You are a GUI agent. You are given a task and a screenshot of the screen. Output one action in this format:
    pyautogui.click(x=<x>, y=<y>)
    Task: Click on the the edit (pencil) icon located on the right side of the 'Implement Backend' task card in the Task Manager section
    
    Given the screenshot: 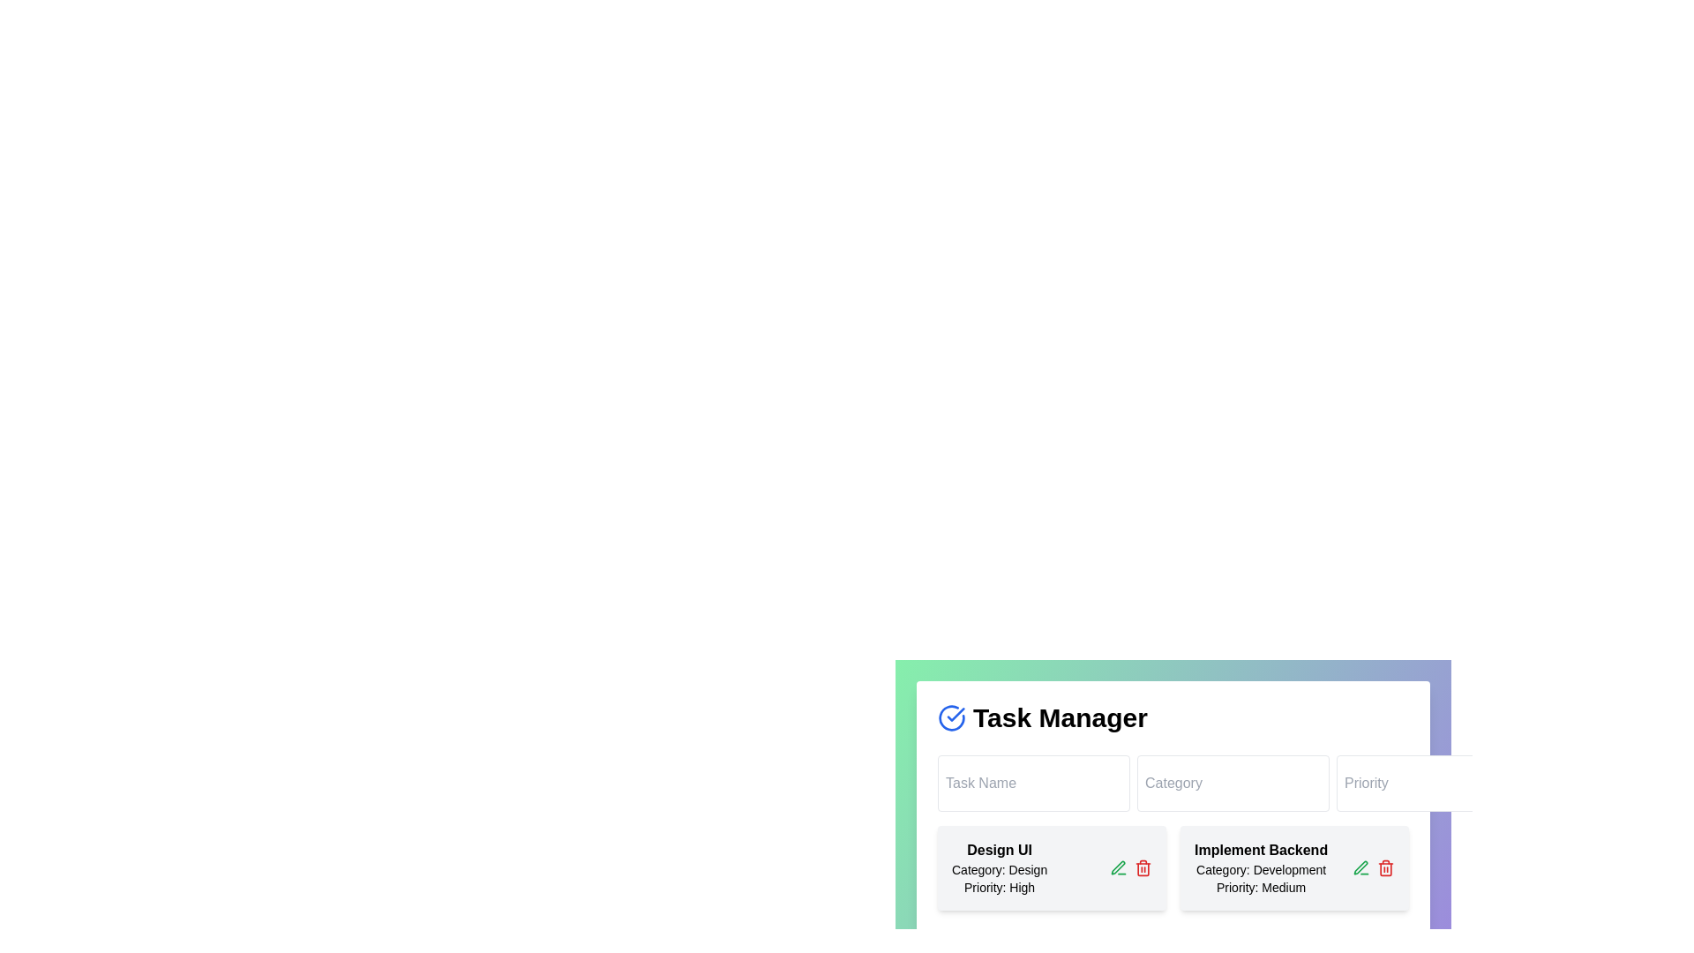 What is the action you would take?
    pyautogui.click(x=1294, y=867)
    